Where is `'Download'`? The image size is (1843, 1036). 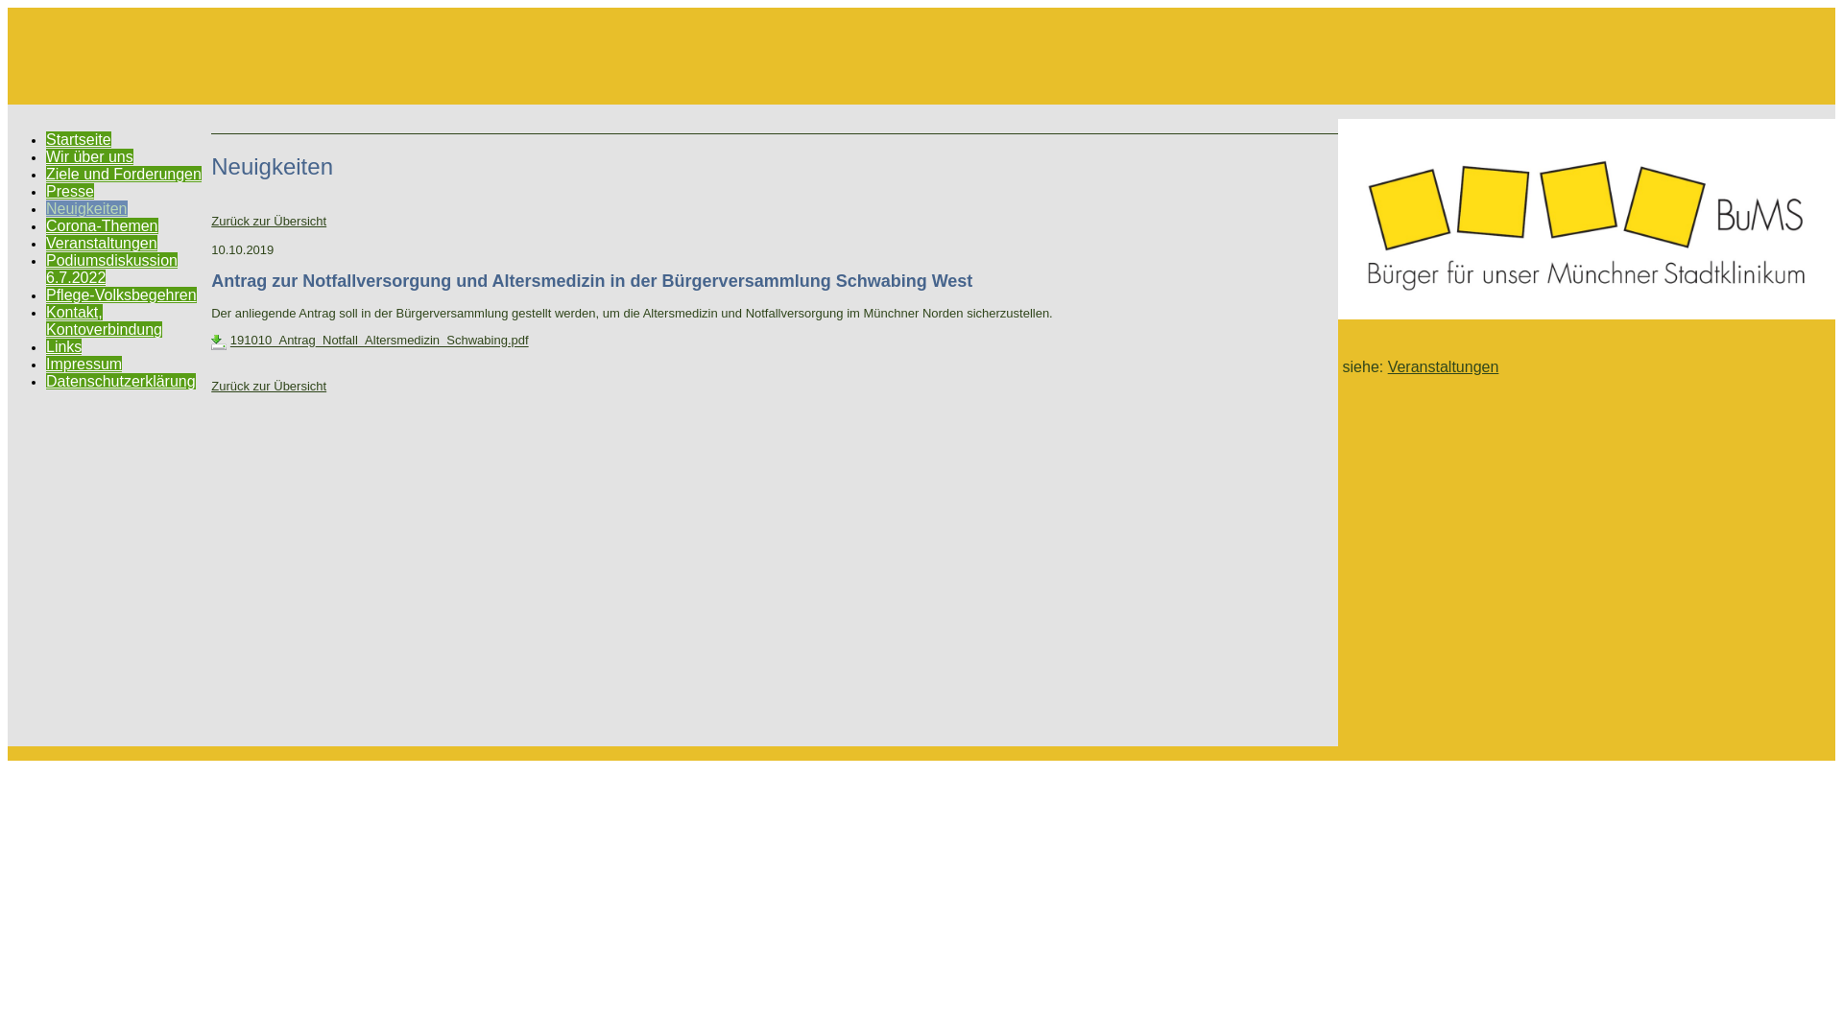
'Download' is located at coordinates (218, 341).